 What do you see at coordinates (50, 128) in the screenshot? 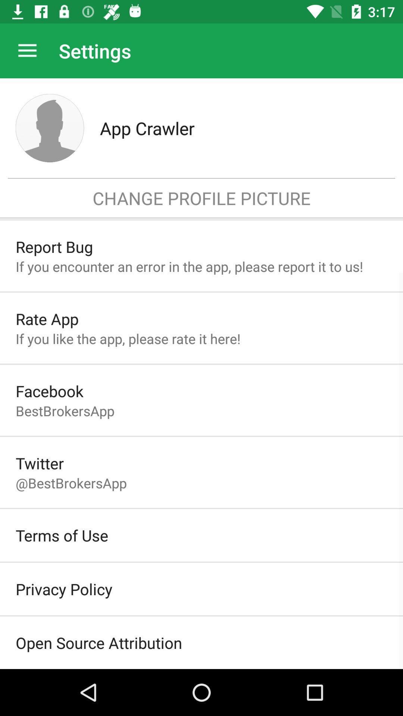
I see `icon to the left of the app crawler item` at bounding box center [50, 128].